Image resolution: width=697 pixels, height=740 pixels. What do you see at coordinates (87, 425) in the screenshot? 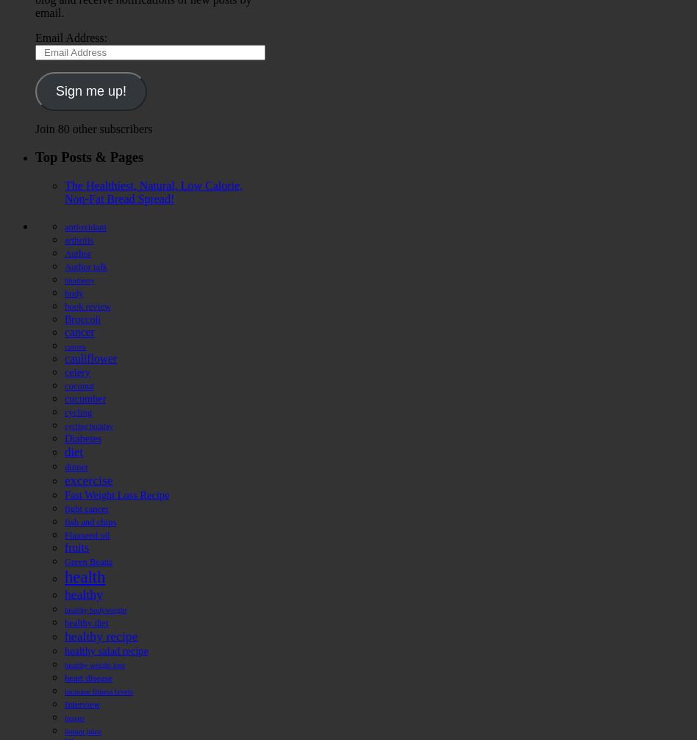
I see `'cycling holiday'` at bounding box center [87, 425].